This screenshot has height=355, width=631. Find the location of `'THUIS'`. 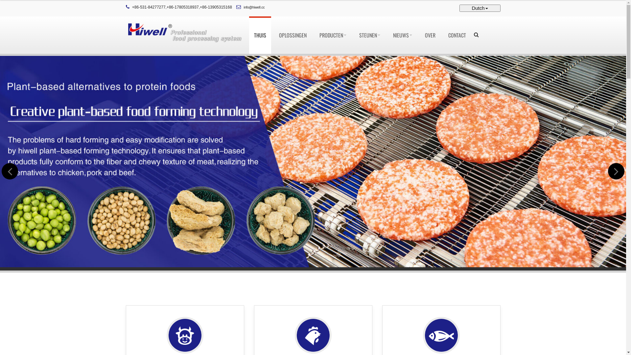

'THUIS' is located at coordinates (260, 35).